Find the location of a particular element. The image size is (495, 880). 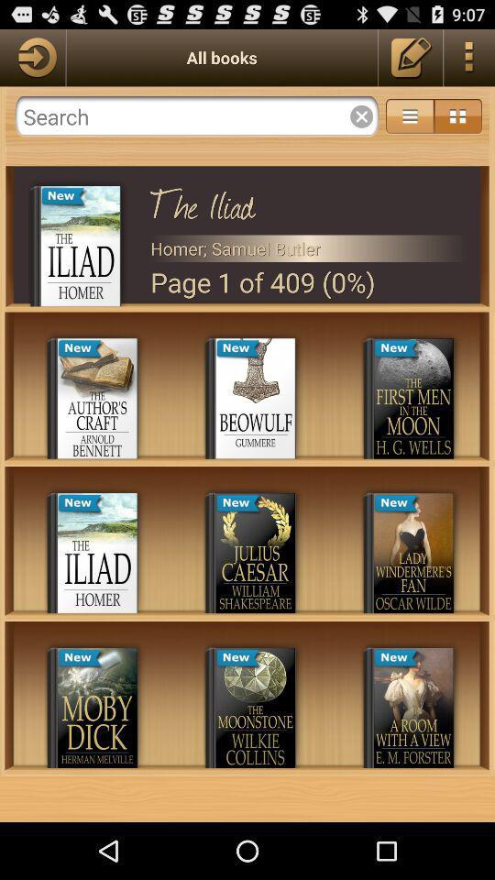

the iliad is located at coordinates (308, 201).